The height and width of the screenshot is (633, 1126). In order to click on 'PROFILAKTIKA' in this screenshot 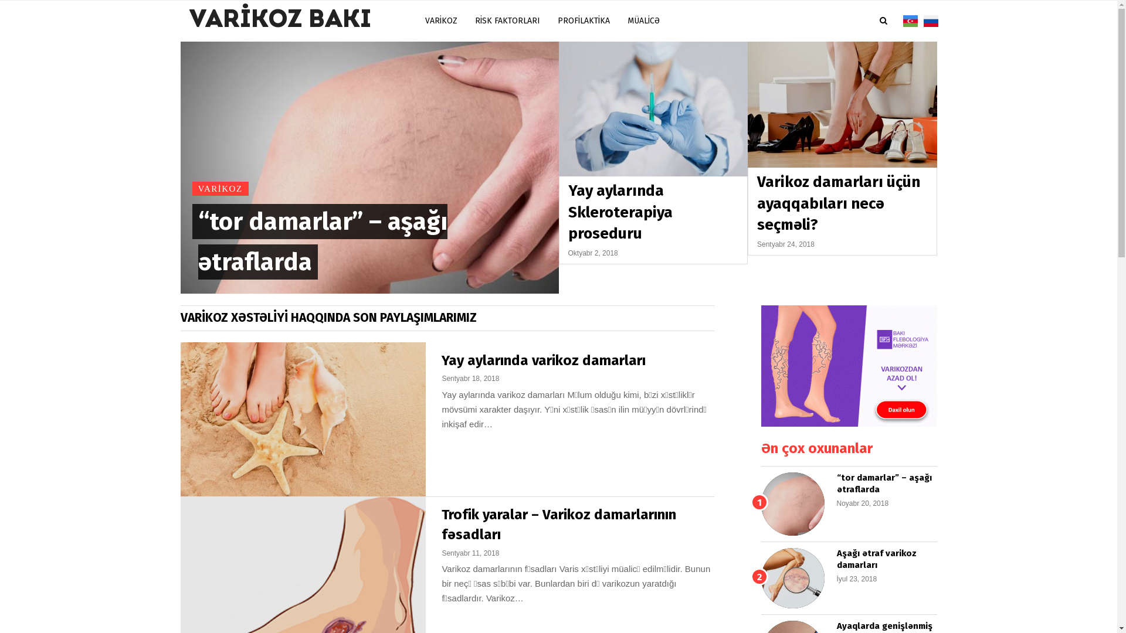, I will do `click(548, 21)`.